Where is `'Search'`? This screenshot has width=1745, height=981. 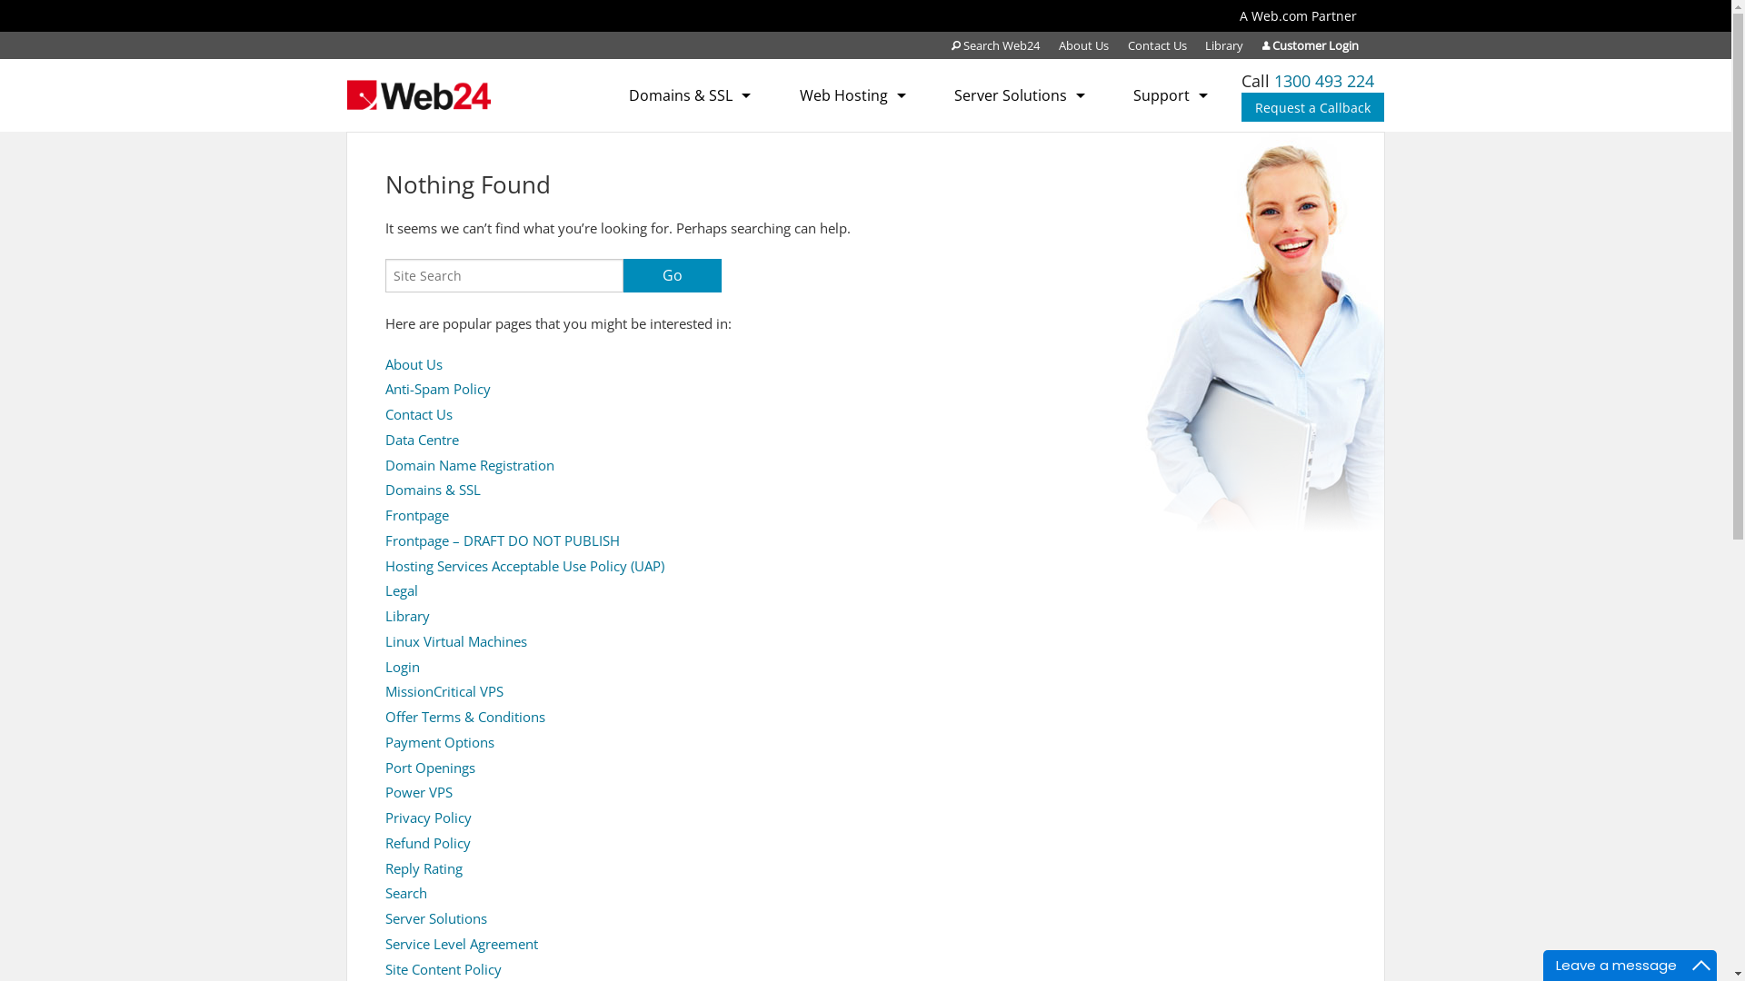
'Search' is located at coordinates (384, 892).